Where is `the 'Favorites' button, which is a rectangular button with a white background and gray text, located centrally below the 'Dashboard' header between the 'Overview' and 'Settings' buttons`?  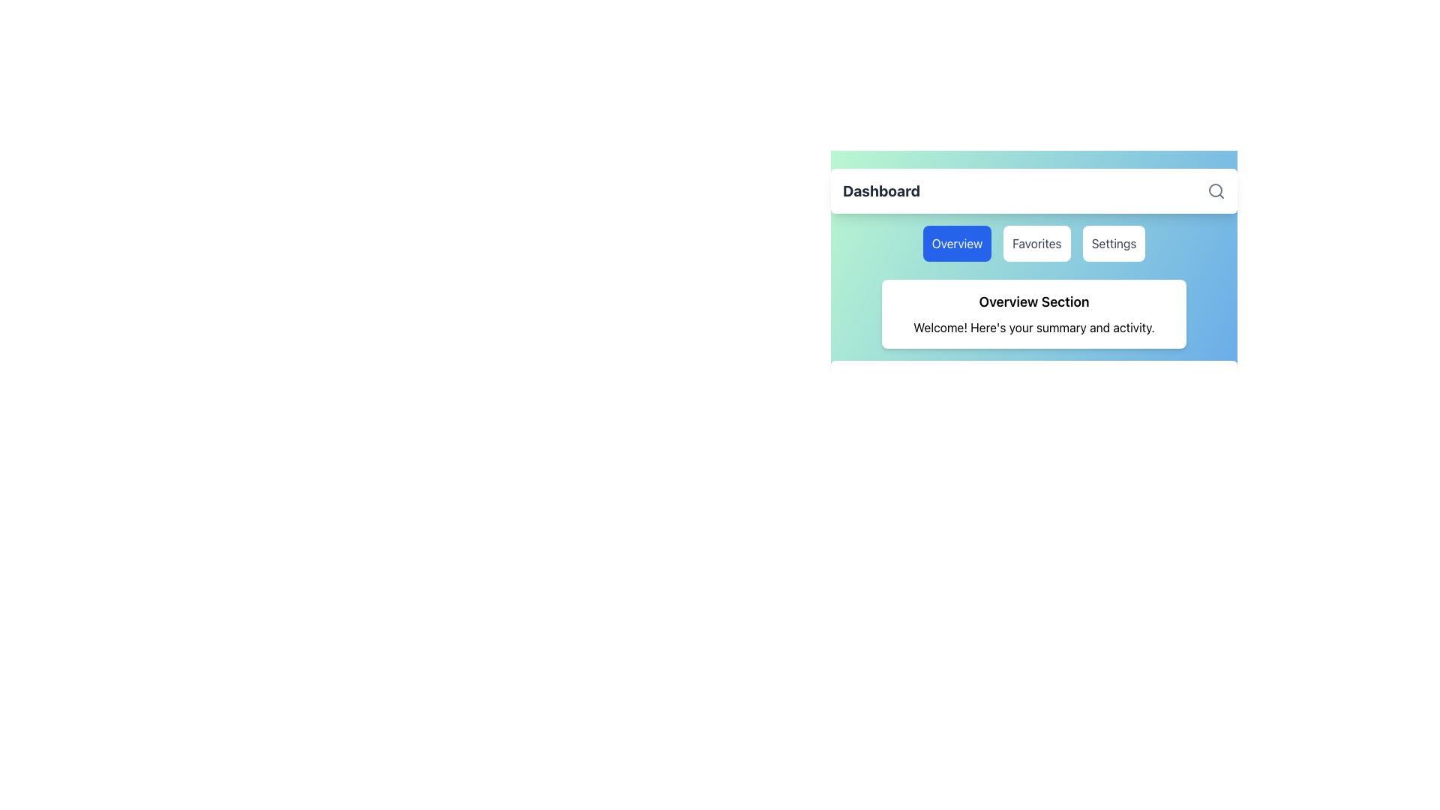
the 'Favorites' button, which is a rectangular button with a white background and gray text, located centrally below the 'Dashboard' header between the 'Overview' and 'Settings' buttons is located at coordinates (1036, 242).